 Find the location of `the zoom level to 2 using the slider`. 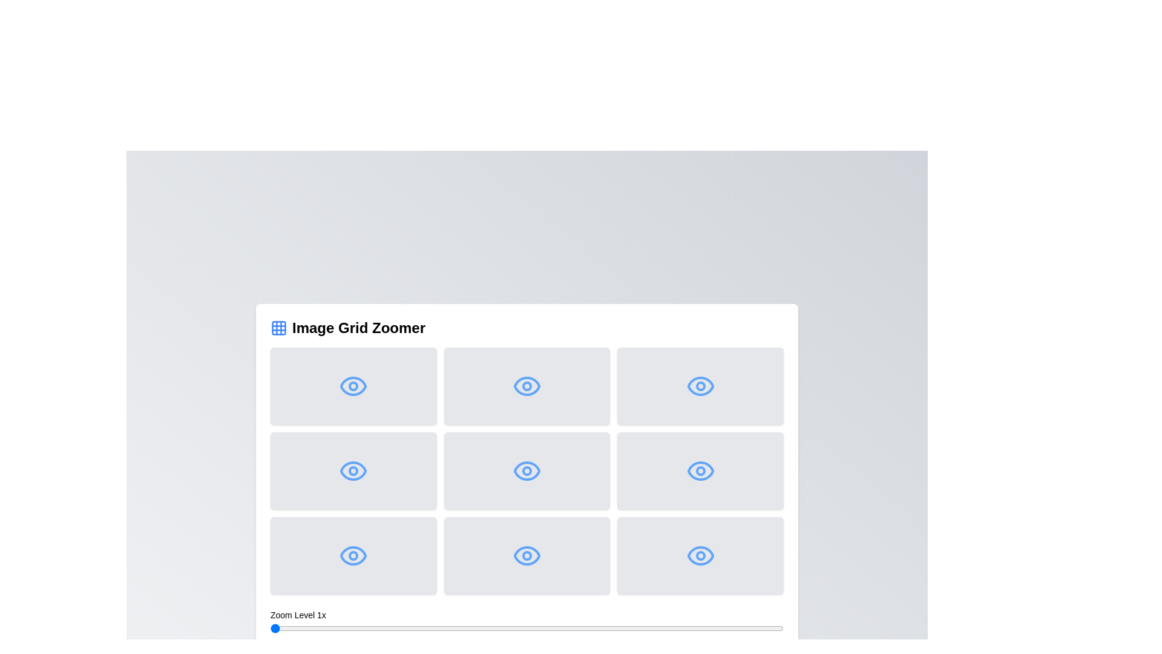

the zoom level to 2 using the slider is located at coordinates (527, 627).